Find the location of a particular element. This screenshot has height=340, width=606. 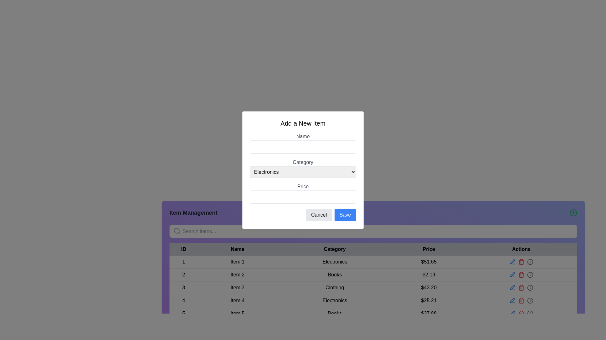

the textual label displaying 'Item 5' located in the fifth row of the table in the 'Name' column is located at coordinates (237, 313).